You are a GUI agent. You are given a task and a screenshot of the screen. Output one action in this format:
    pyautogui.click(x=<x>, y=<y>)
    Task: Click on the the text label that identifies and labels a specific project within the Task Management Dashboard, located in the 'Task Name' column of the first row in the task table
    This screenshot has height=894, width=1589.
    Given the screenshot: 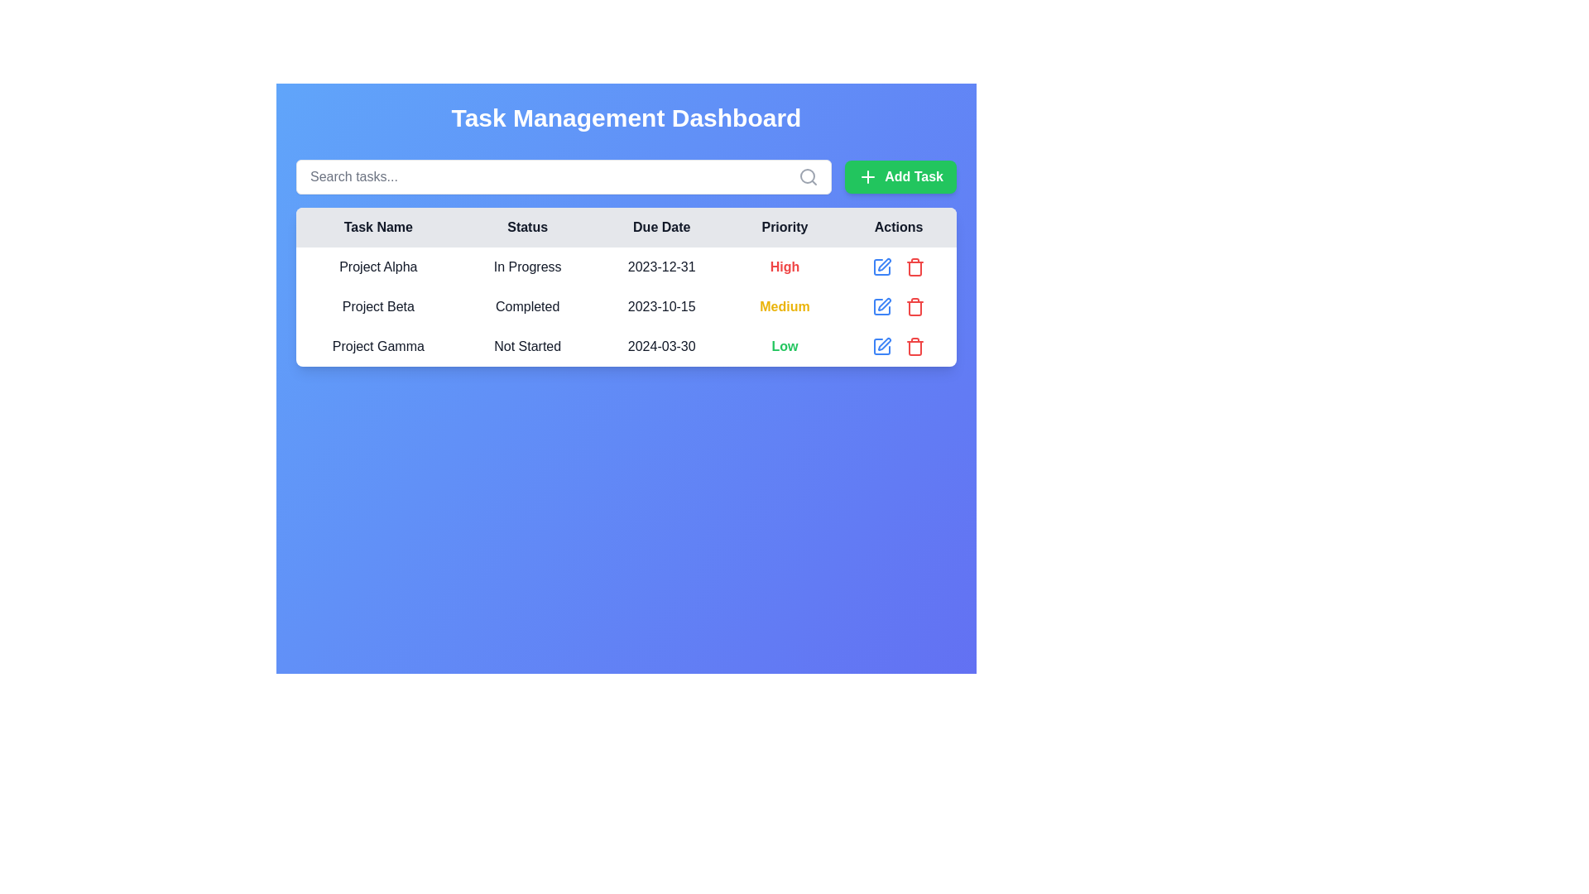 What is the action you would take?
    pyautogui.click(x=377, y=267)
    